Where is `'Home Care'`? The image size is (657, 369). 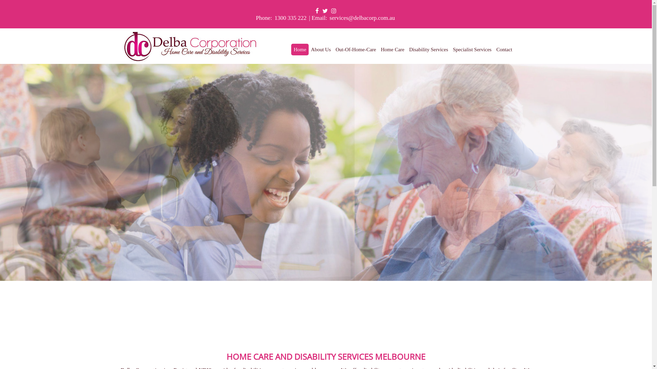 'Home Care' is located at coordinates (392, 49).